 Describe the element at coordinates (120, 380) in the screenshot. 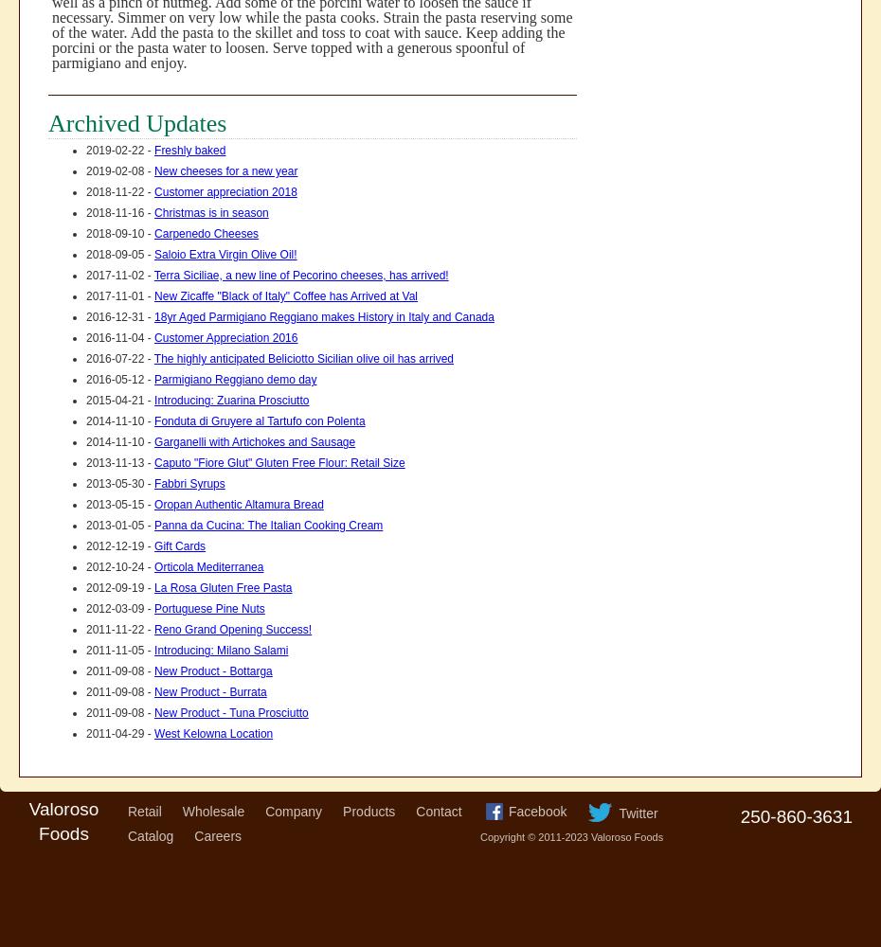

I see `'2016-05-12 -'` at that location.